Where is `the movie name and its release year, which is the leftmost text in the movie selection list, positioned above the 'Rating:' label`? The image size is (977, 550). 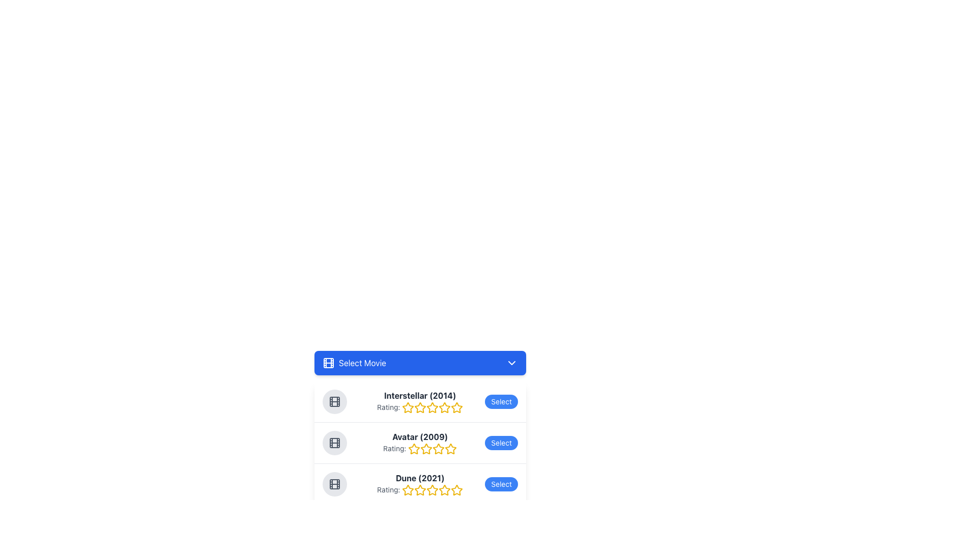 the movie name and its release year, which is the leftmost text in the movie selection list, positioned above the 'Rating:' label is located at coordinates (420, 395).